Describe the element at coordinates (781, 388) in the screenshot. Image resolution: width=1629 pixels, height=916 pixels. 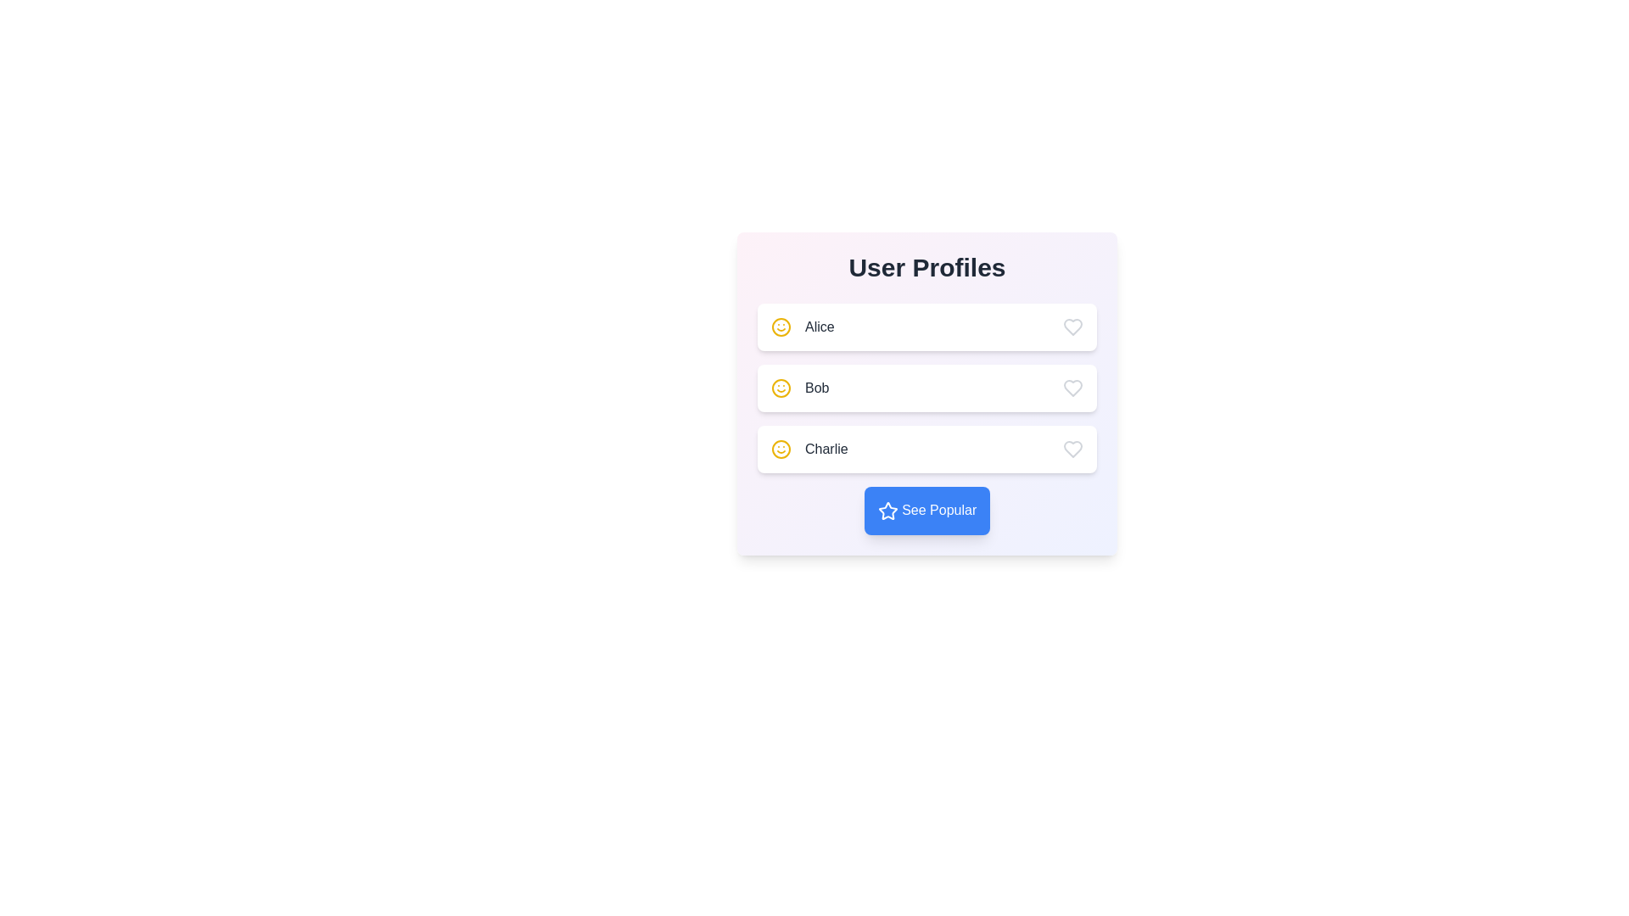
I see `the smiley icon representing the user profile named 'Bob', which is positioned to the left of his name in the user profiles list item` at that location.